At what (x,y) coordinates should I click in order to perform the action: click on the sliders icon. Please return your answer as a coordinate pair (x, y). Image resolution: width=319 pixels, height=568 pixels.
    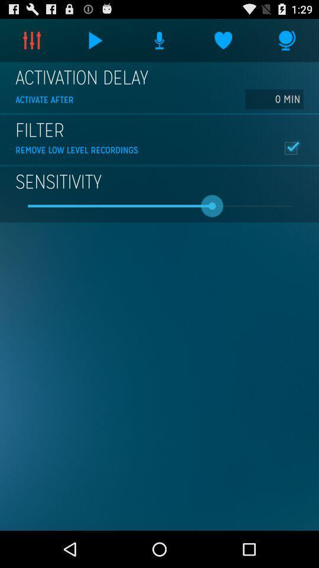
    Looking at the image, I should click on (32, 43).